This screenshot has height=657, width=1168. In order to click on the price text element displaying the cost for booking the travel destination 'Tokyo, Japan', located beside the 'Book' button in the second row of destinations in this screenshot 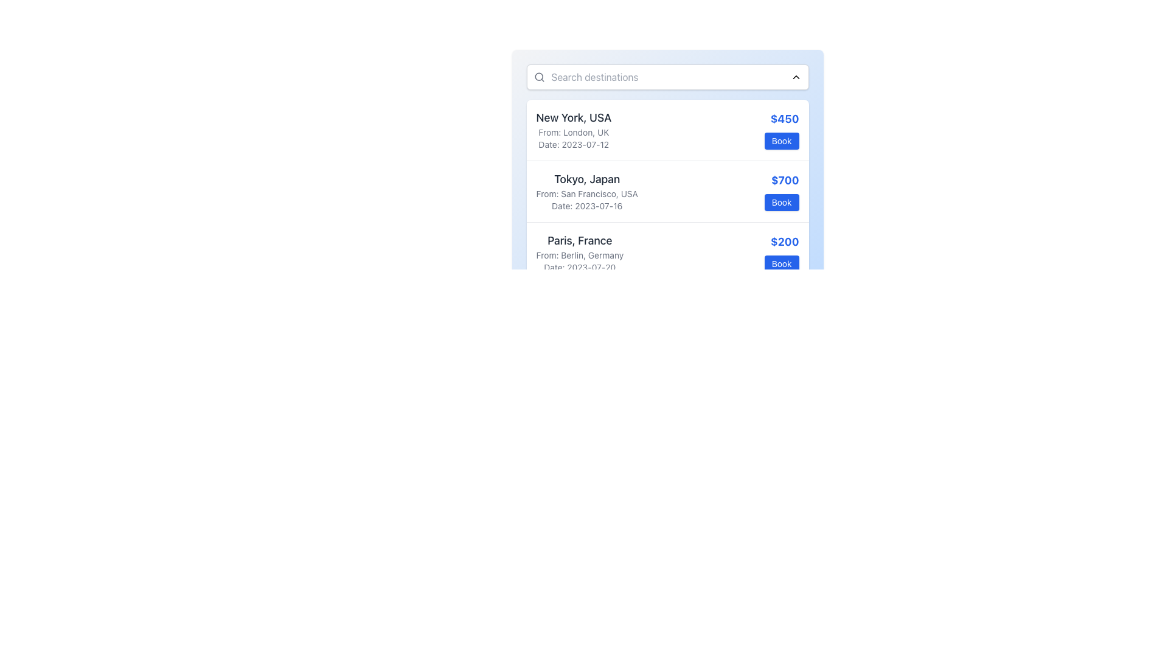, I will do `click(782, 181)`.